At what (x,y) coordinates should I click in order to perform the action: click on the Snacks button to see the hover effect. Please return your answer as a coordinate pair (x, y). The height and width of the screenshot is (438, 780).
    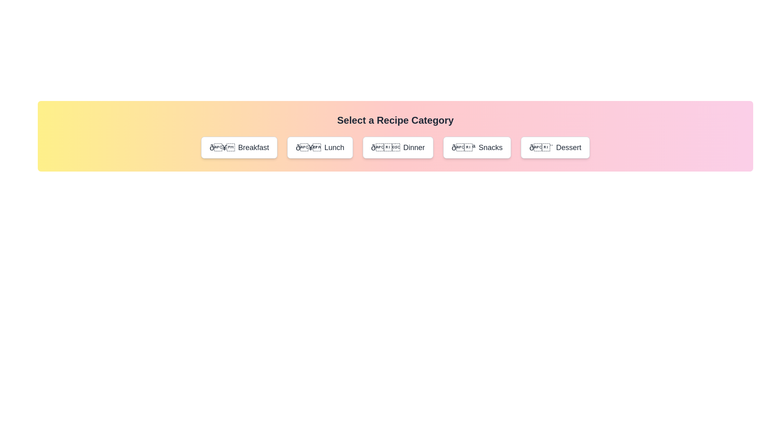
    Looking at the image, I should click on (477, 147).